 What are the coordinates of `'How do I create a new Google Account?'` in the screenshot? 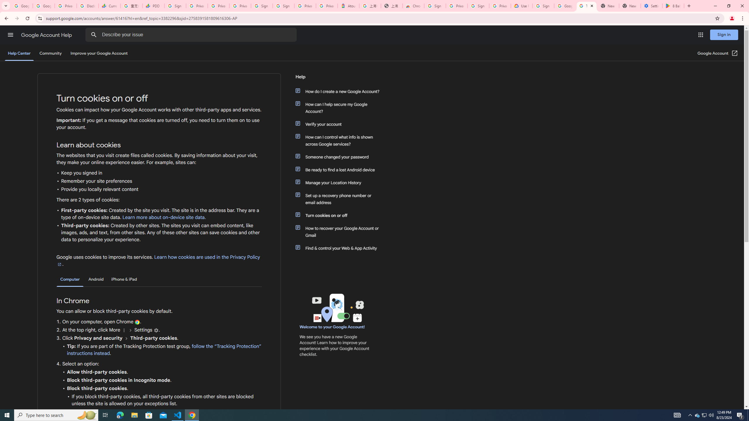 It's located at (340, 92).